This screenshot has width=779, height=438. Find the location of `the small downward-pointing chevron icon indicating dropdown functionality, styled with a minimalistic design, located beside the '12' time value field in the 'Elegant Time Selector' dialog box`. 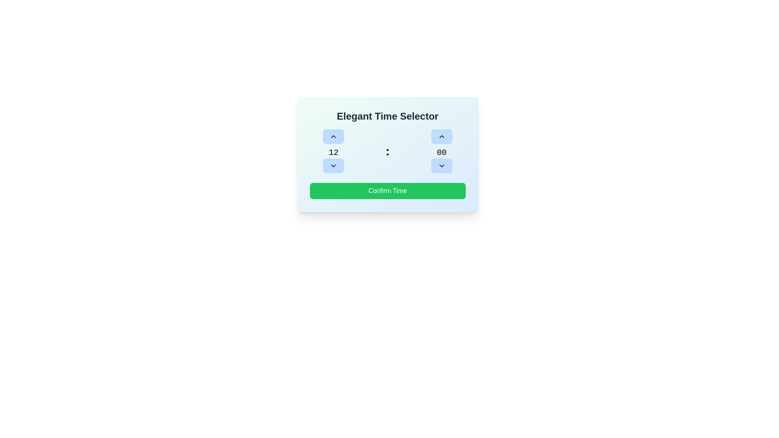

the small downward-pointing chevron icon indicating dropdown functionality, styled with a minimalistic design, located beside the '12' time value field in the 'Elegant Time Selector' dialog box is located at coordinates (334, 165).